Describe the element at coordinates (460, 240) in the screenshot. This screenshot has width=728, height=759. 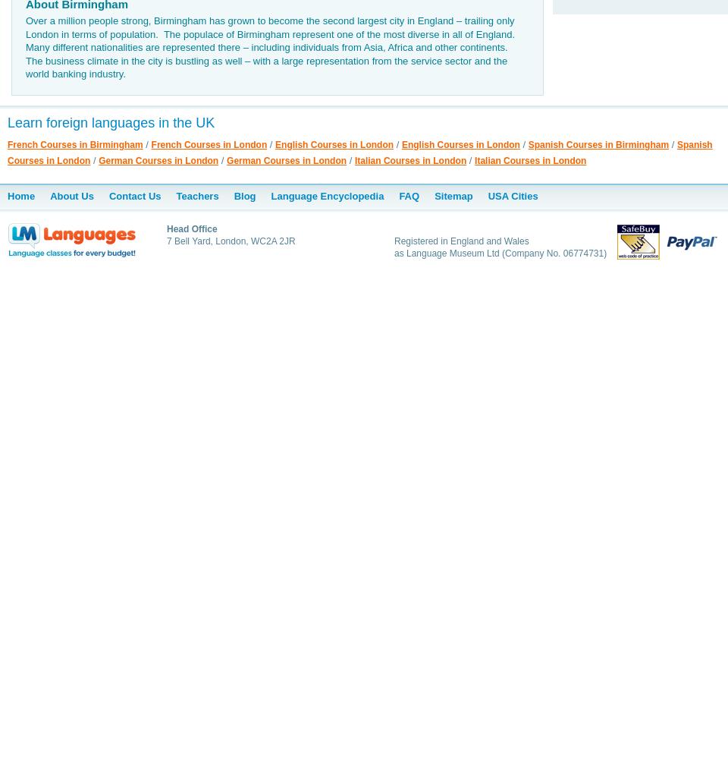
I see `'Registered in England
        and Wales'` at that location.